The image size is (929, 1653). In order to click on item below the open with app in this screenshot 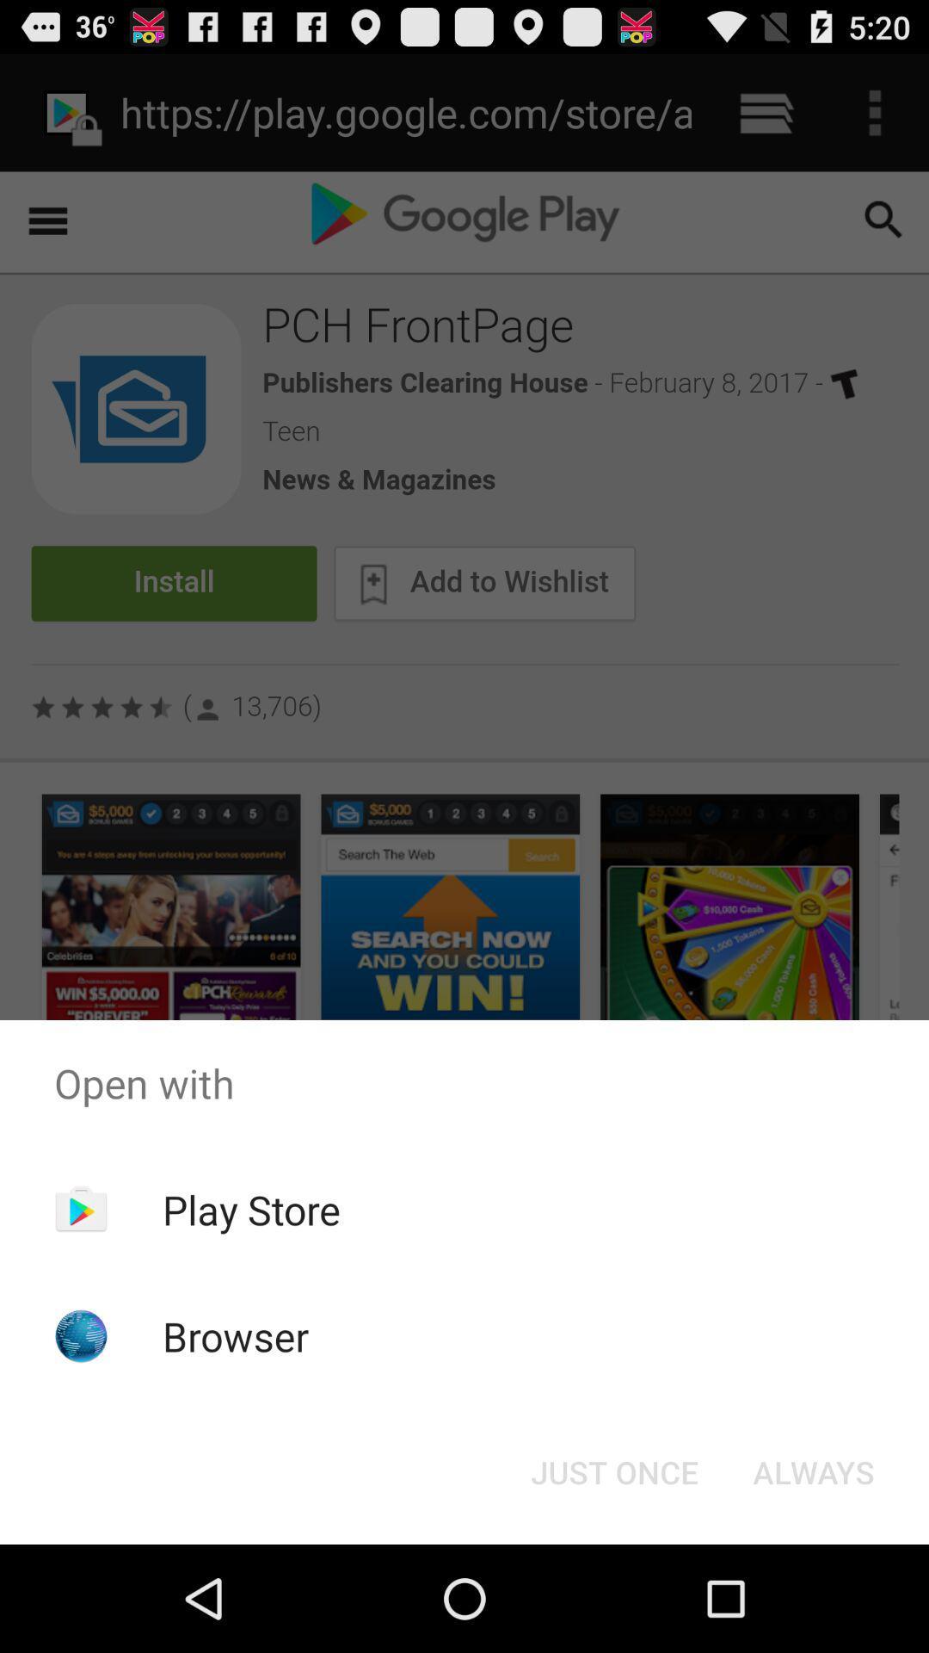, I will do `click(251, 1209)`.